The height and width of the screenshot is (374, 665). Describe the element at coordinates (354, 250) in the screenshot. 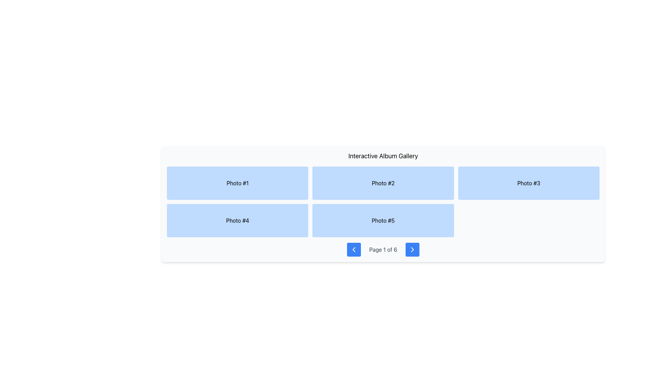

I see `the blue button with a left-pointing chevron icon located in the pagination bar at the bottom center of the interface` at that location.